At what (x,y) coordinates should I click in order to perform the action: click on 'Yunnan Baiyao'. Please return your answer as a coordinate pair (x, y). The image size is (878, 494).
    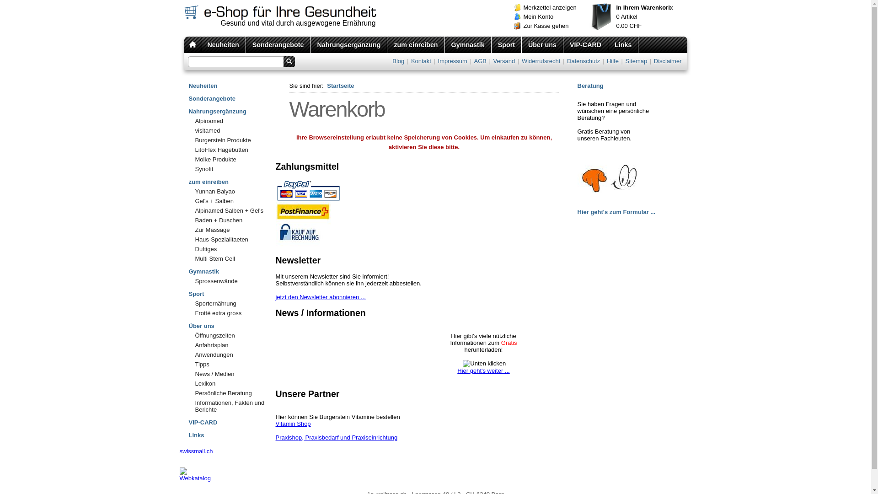
    Looking at the image, I should click on (232, 191).